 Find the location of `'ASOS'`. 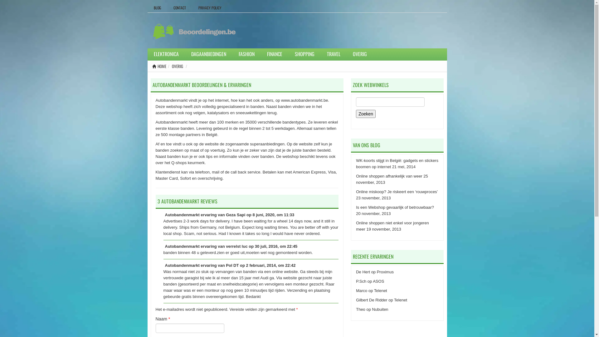

'ASOS' is located at coordinates (378, 281).